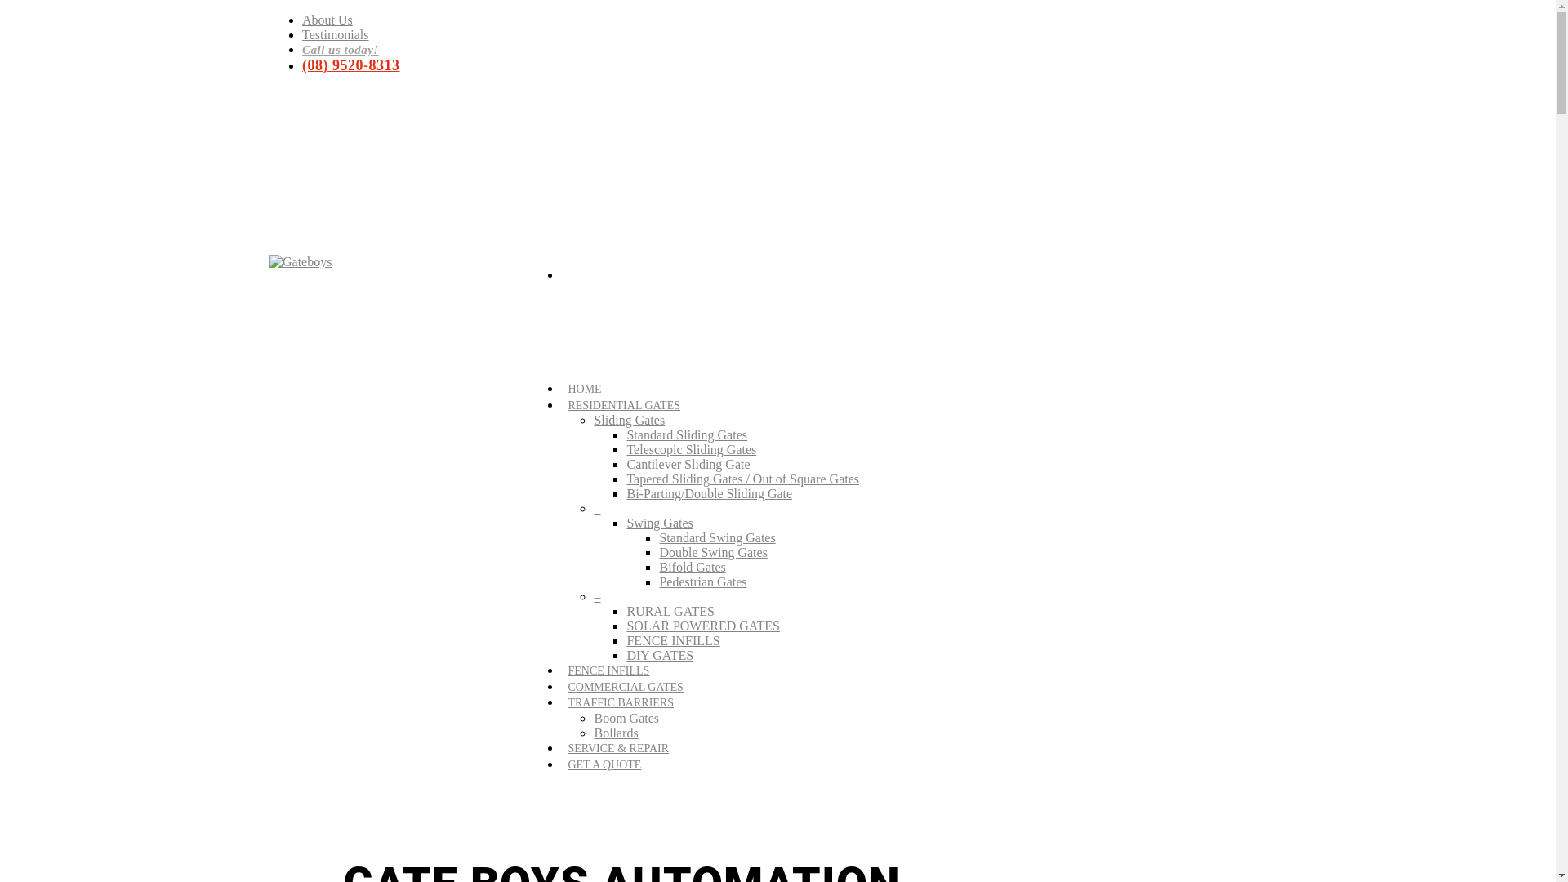  I want to click on 'TRAFFIC BARRIERS', so click(619, 706).